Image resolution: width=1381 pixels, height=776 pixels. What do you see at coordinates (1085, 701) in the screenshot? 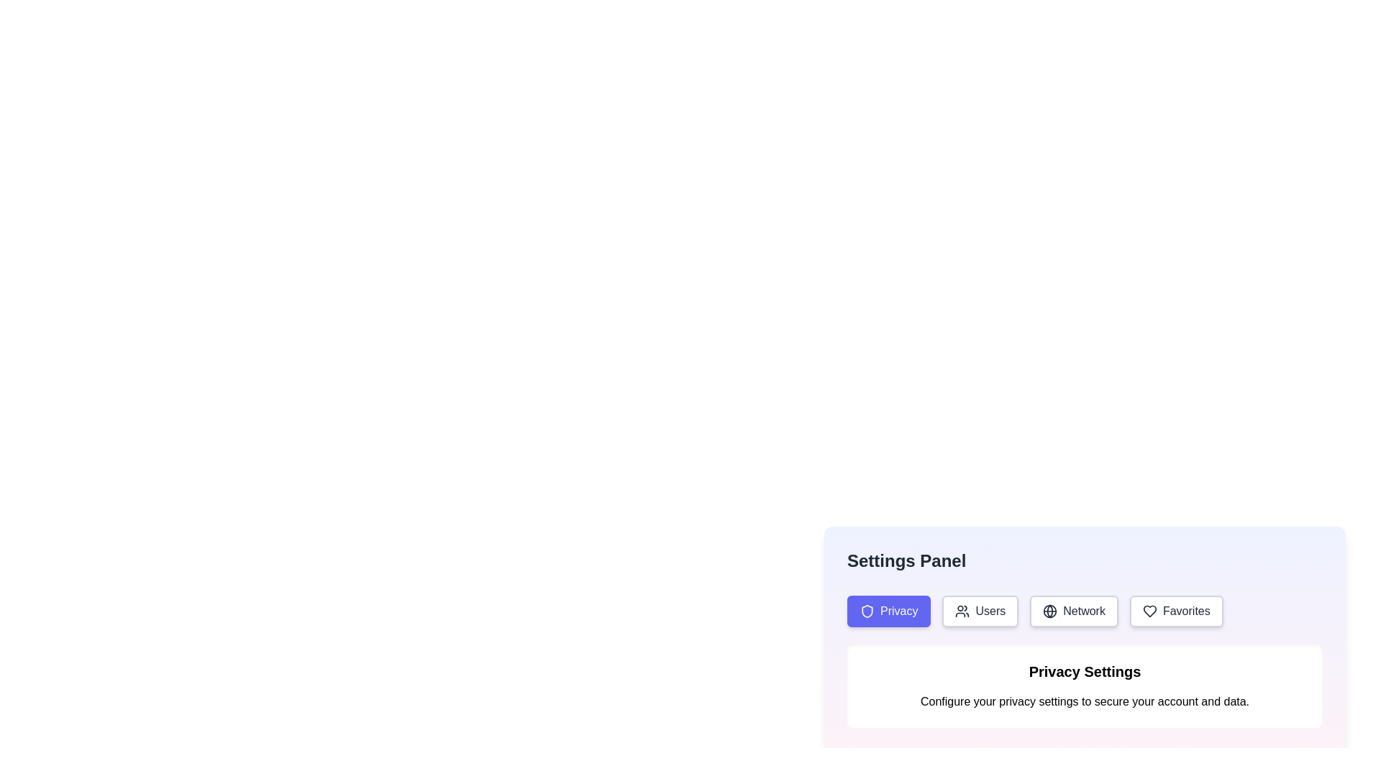
I see `the descriptive text label related to privacy settings located below the 'Privacy Settings' title in the 'Settings Panel'` at bounding box center [1085, 701].